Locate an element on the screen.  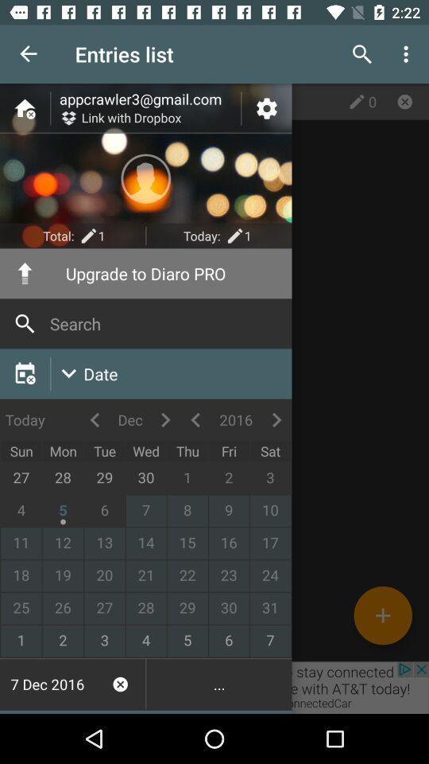
the add icon is located at coordinates (382, 614).